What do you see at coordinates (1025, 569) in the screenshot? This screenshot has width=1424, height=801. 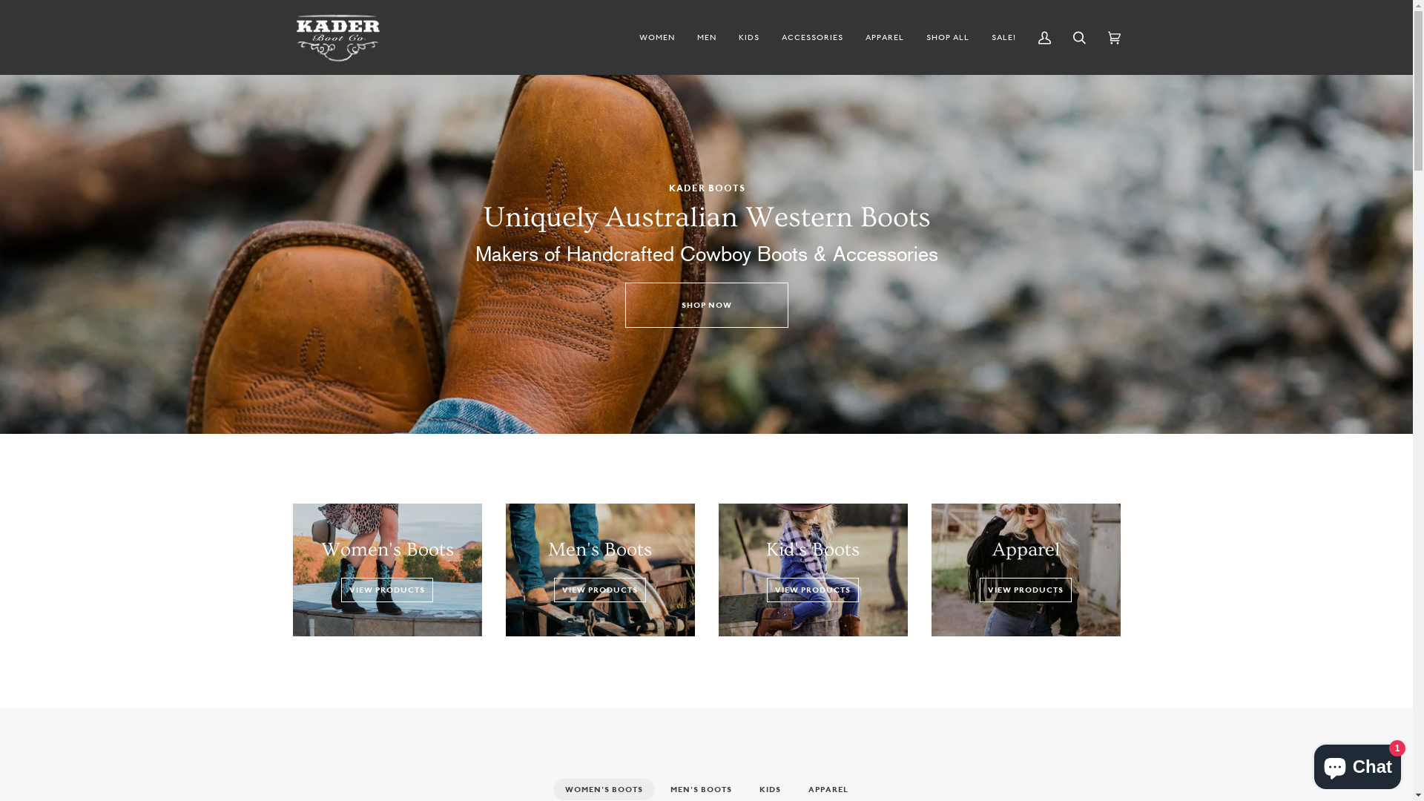 I see `'Apparel` at bounding box center [1025, 569].